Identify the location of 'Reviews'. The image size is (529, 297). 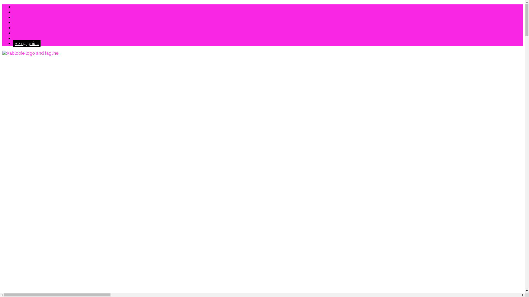
(21, 28).